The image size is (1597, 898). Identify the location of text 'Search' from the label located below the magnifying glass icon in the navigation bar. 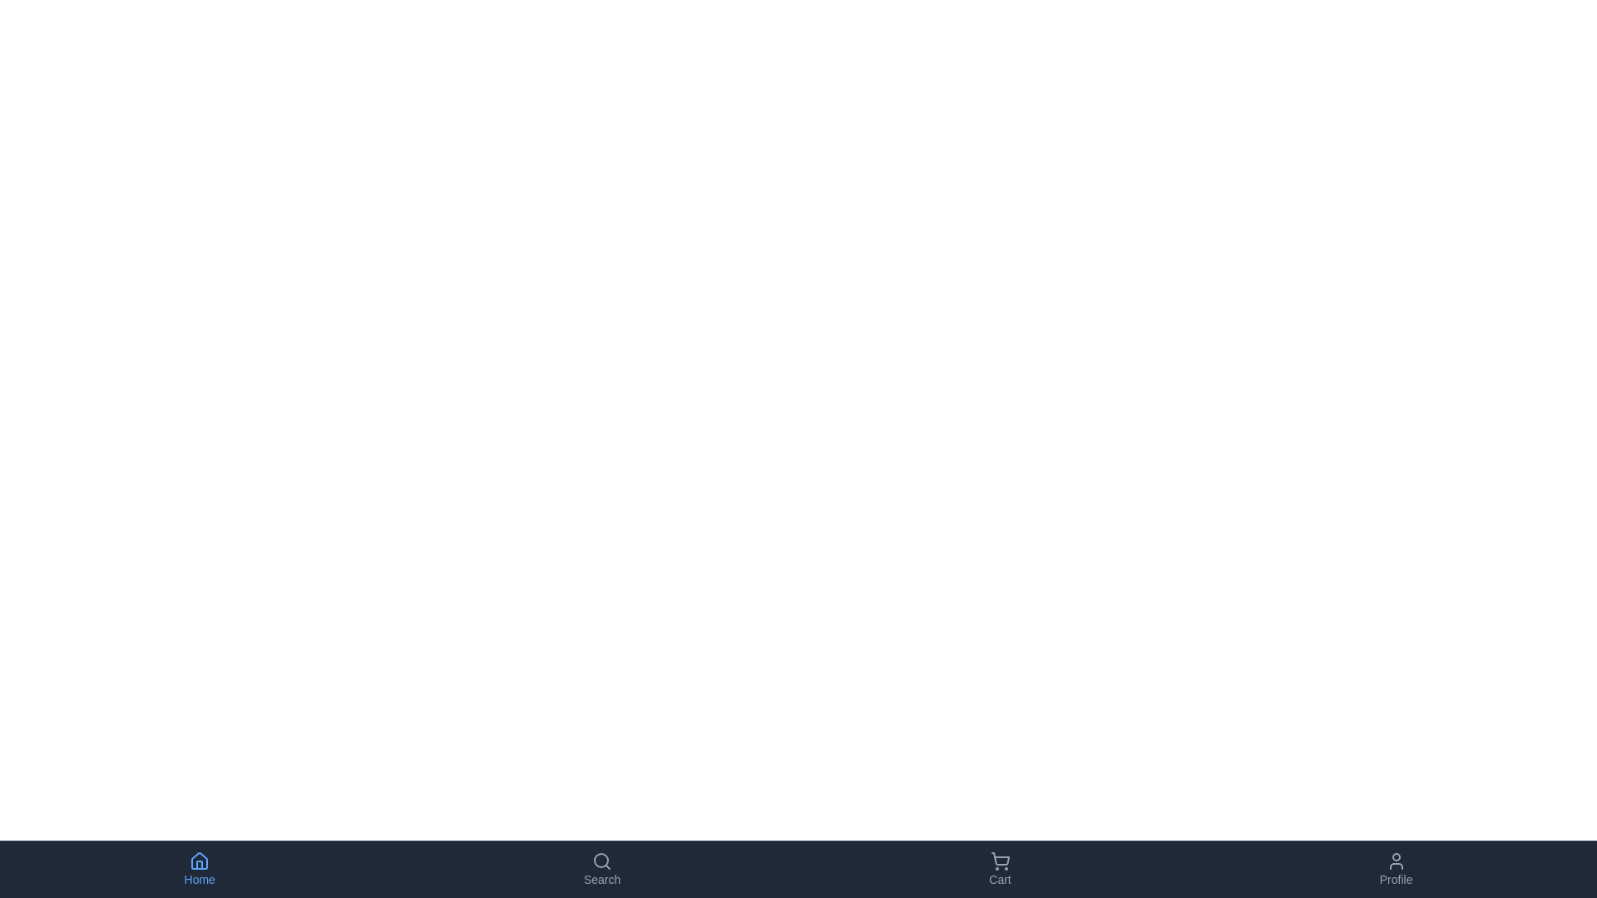
(601, 878).